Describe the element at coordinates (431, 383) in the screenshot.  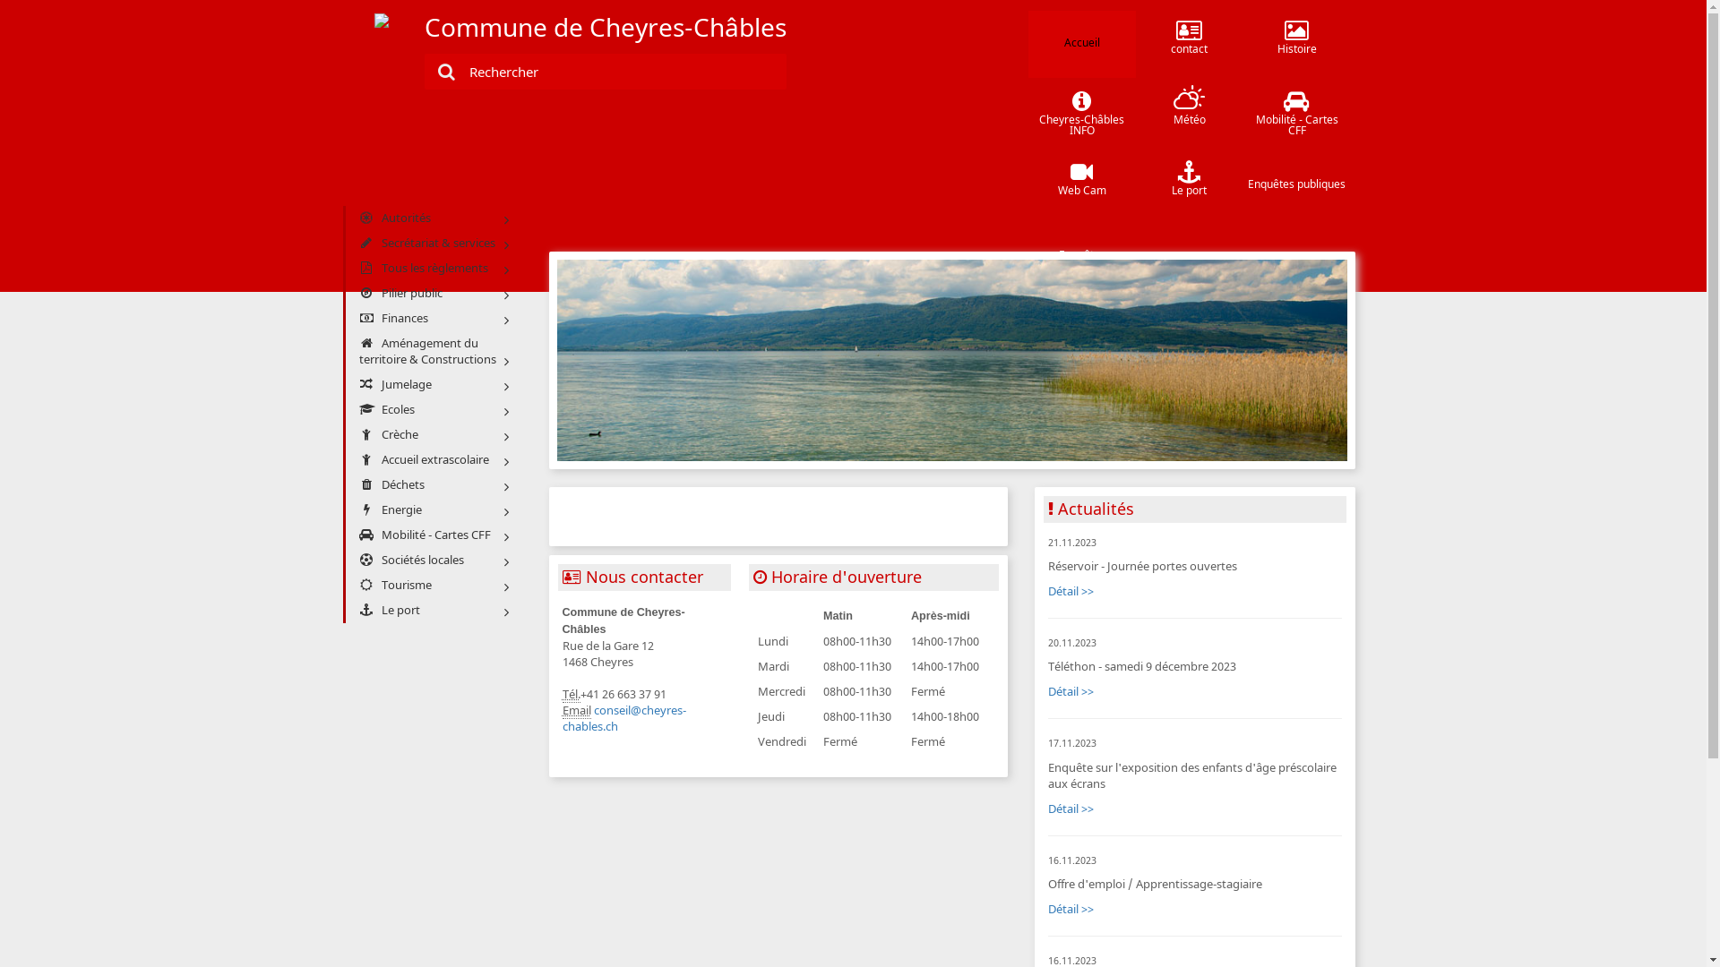
I see `'Jumelage'` at that location.